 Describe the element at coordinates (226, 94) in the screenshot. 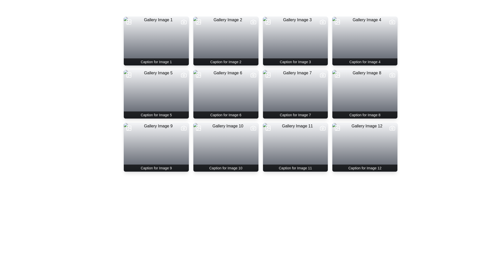

I see `the Gallery card element located in the second row and second column` at that location.